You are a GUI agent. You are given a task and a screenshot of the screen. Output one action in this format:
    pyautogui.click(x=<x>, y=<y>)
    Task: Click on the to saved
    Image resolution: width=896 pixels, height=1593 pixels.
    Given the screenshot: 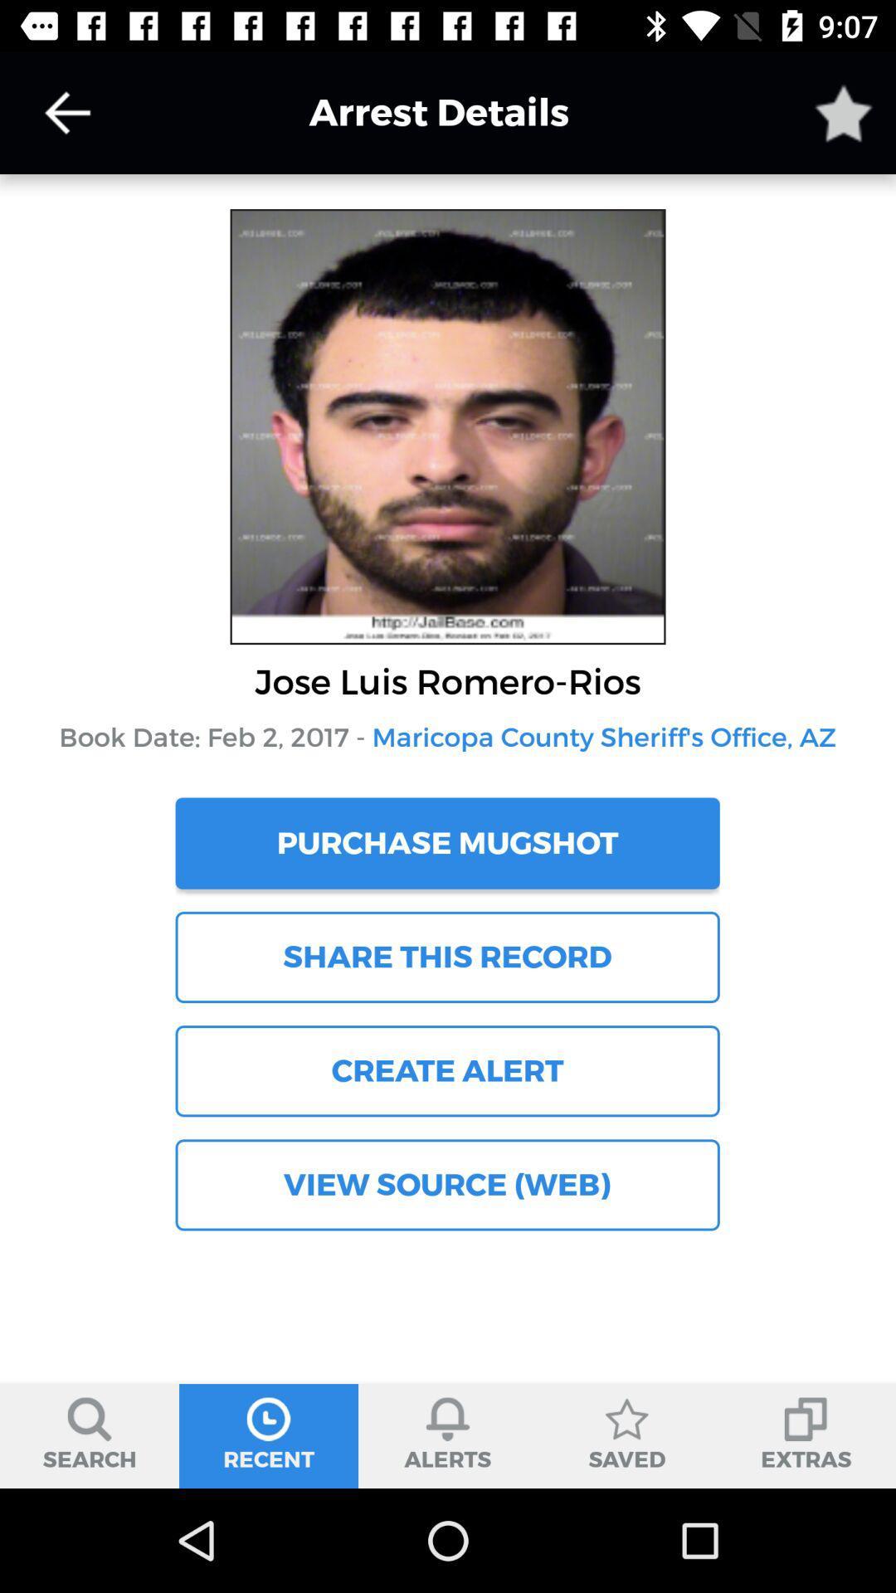 What is the action you would take?
    pyautogui.click(x=844, y=112)
    